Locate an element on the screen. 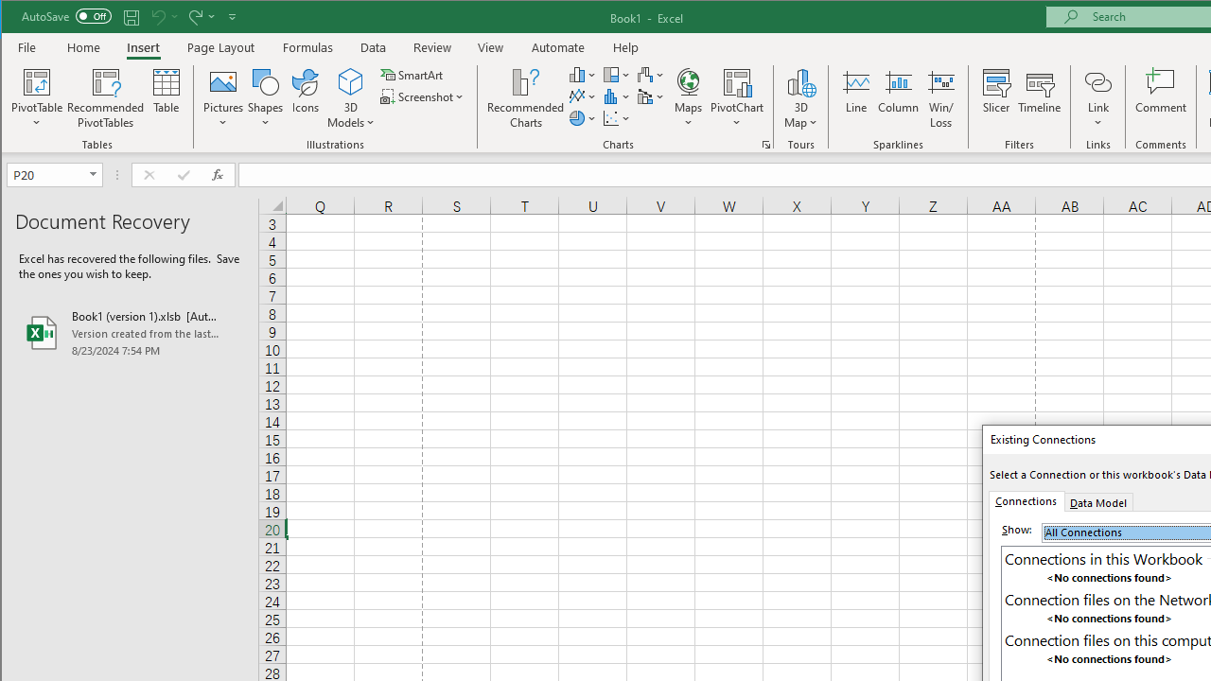  'Insert Pie or Doughnut Chart' is located at coordinates (582, 118).